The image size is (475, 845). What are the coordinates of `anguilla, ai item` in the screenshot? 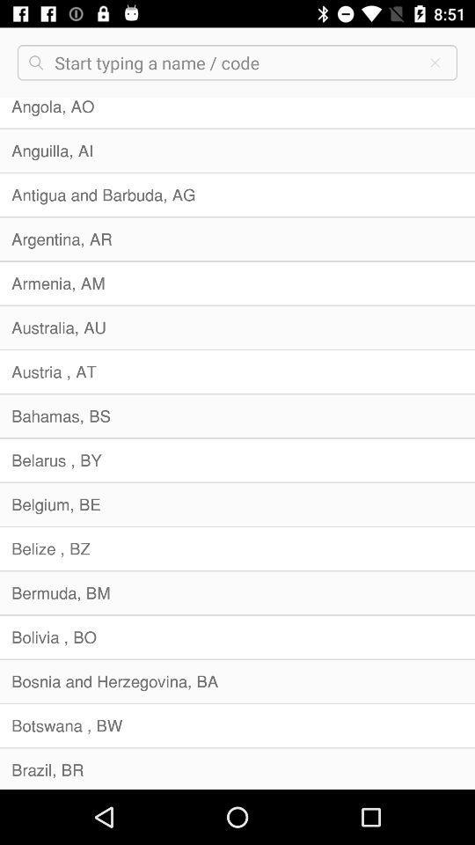 It's located at (237, 150).